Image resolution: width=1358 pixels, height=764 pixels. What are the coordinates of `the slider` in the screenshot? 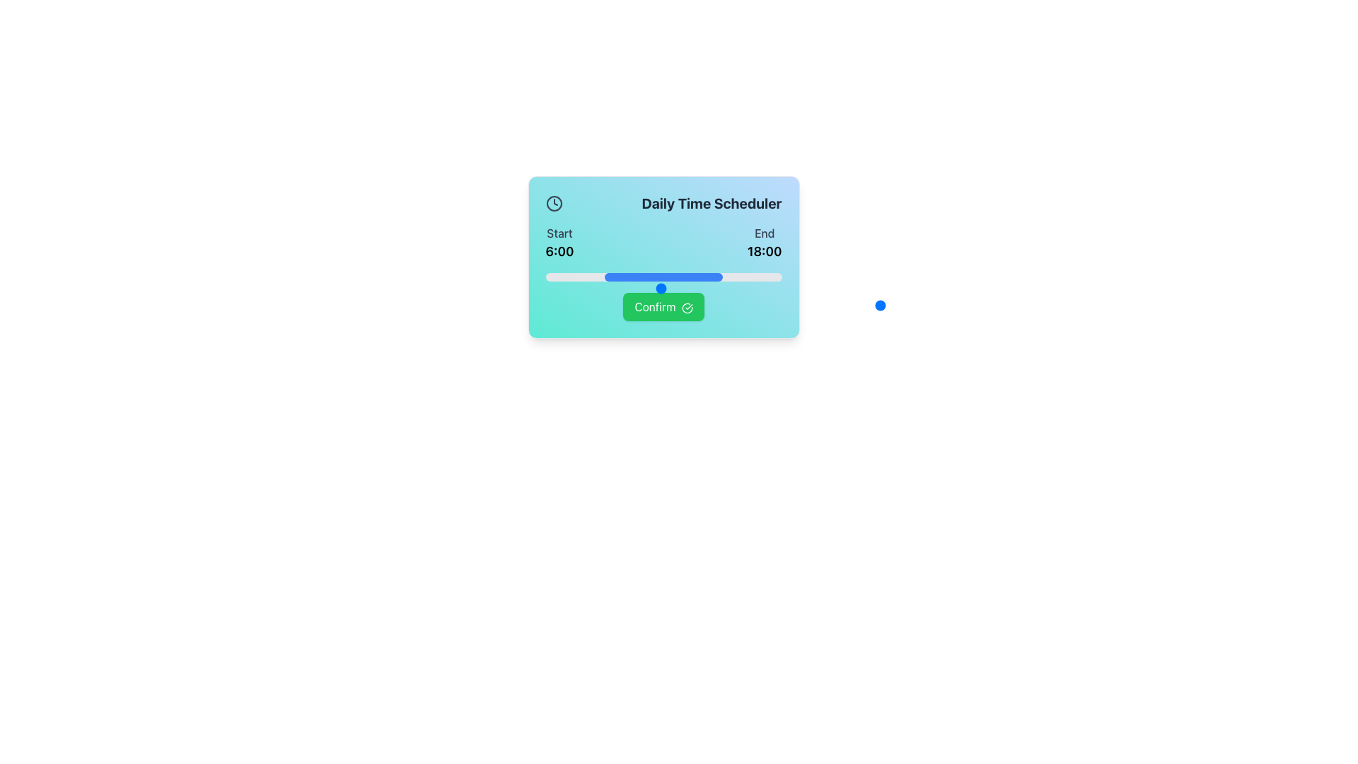 It's located at (591, 277).